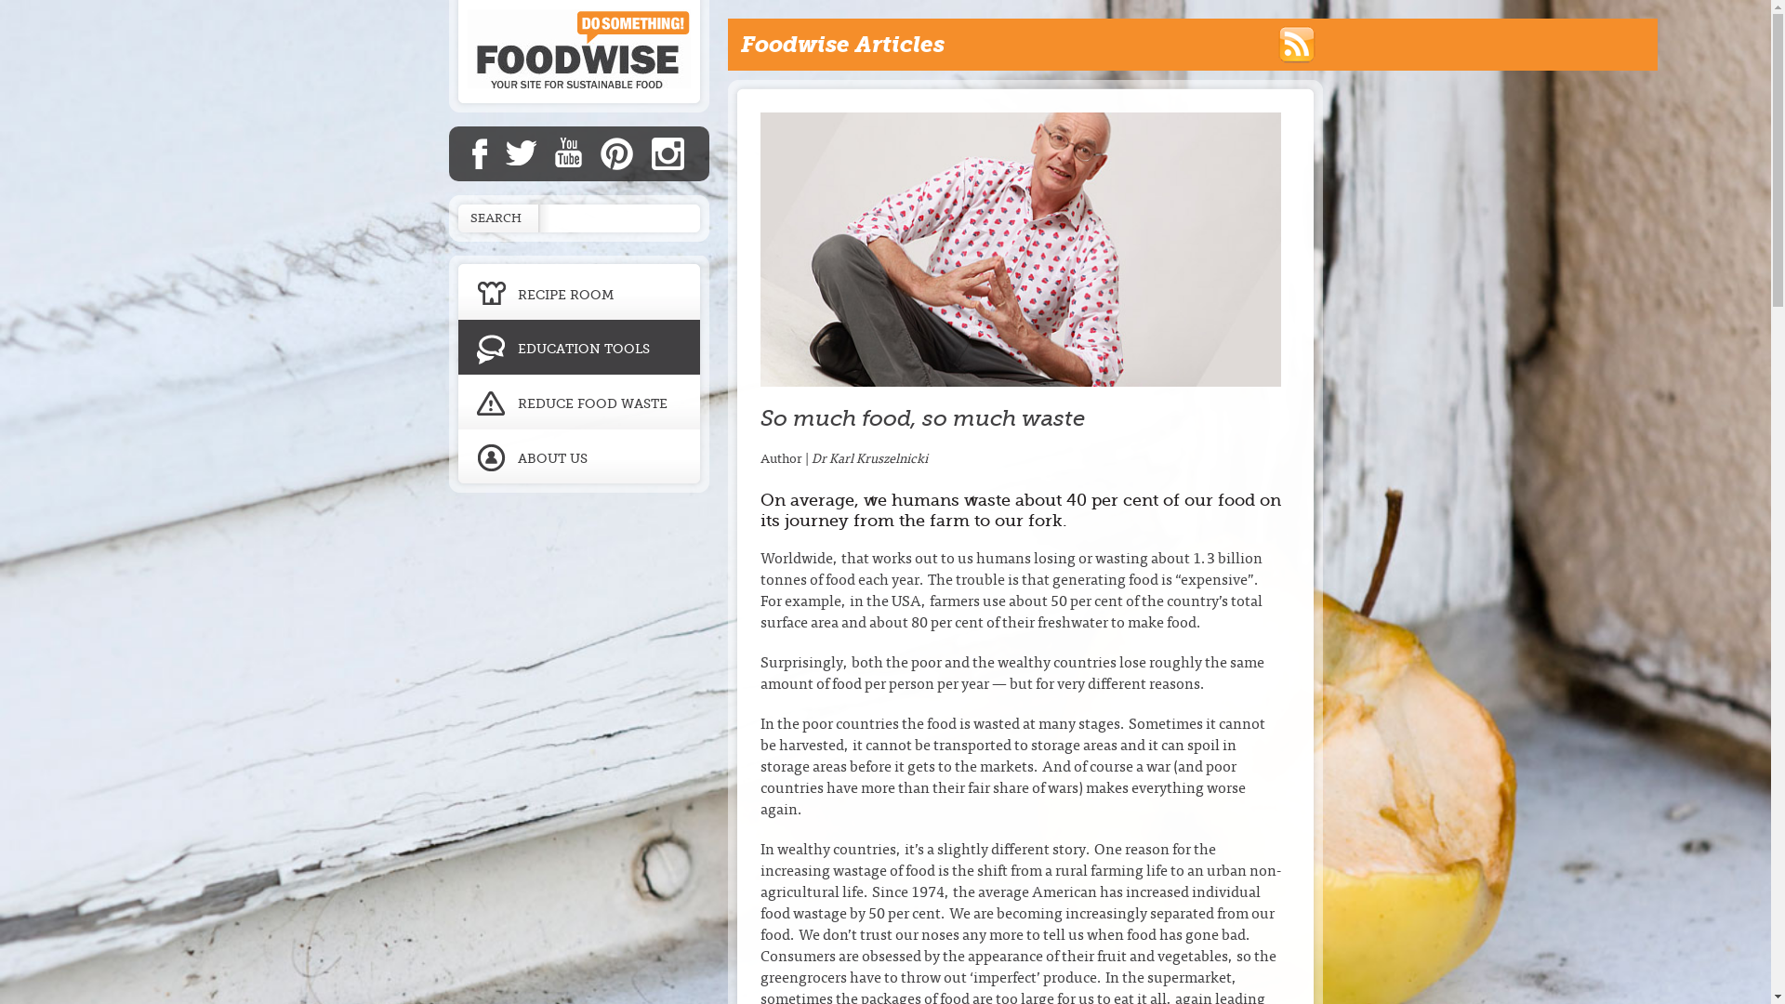 The height and width of the screenshot is (1004, 1785). Describe the element at coordinates (651, 152) in the screenshot. I see `'Instagram'` at that location.